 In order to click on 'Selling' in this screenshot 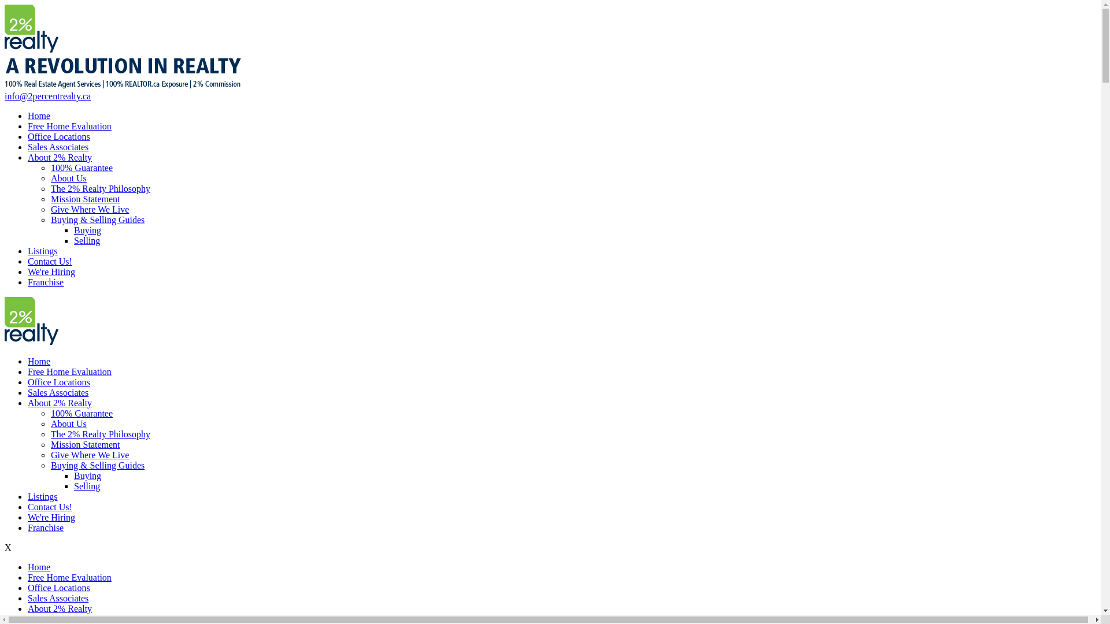, I will do `click(73, 486)`.